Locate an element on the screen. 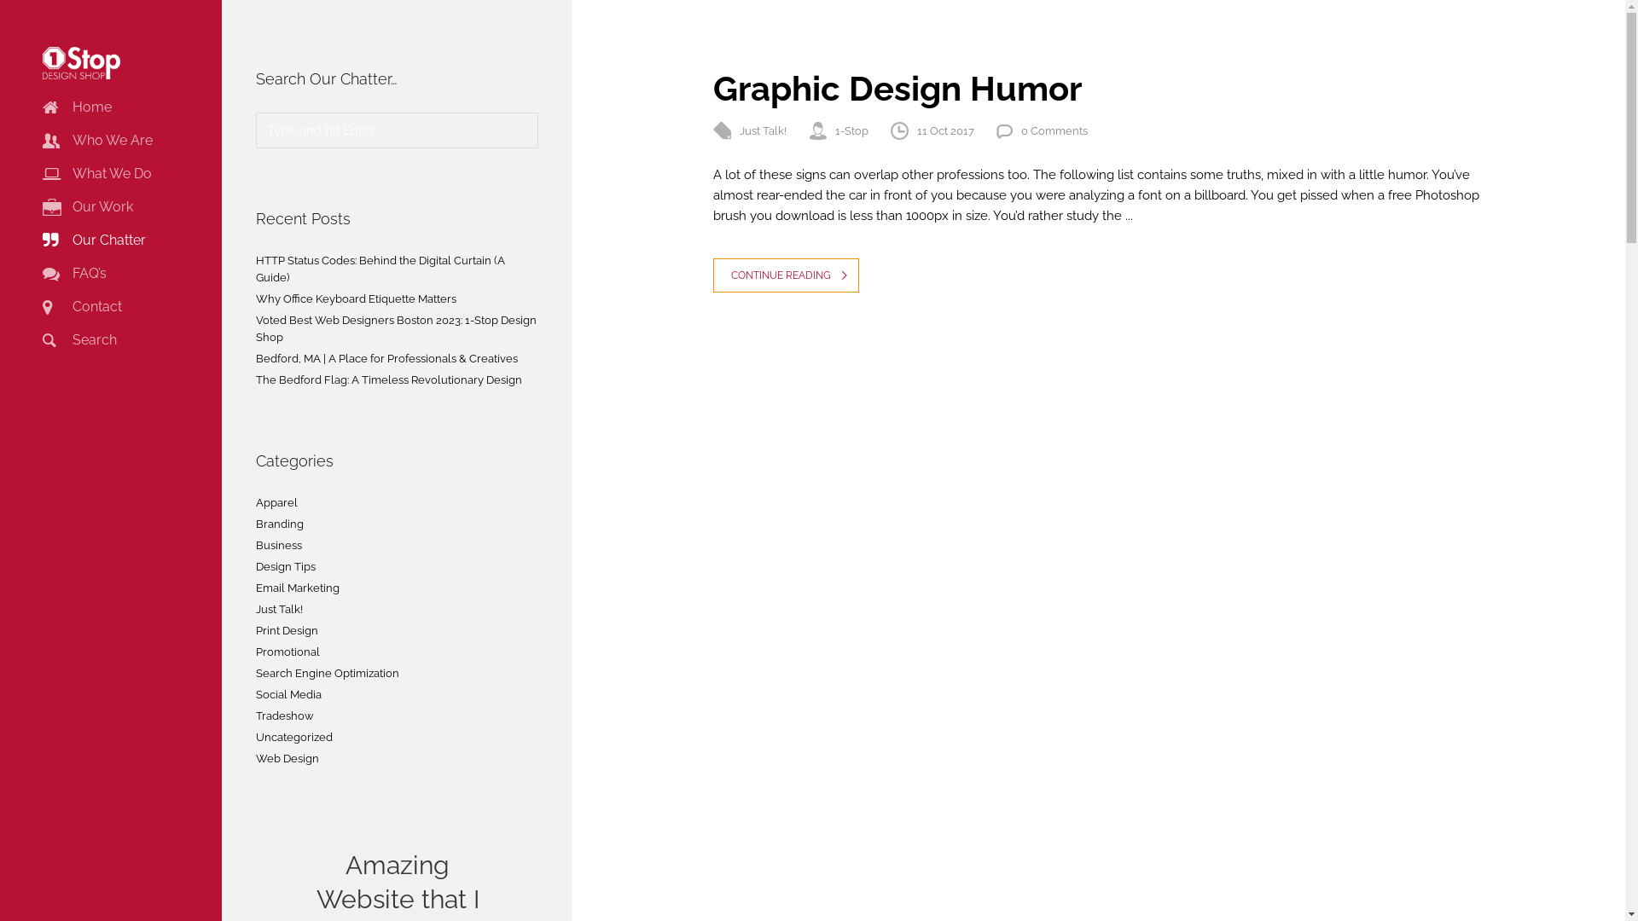  'Home' is located at coordinates (76, 107).